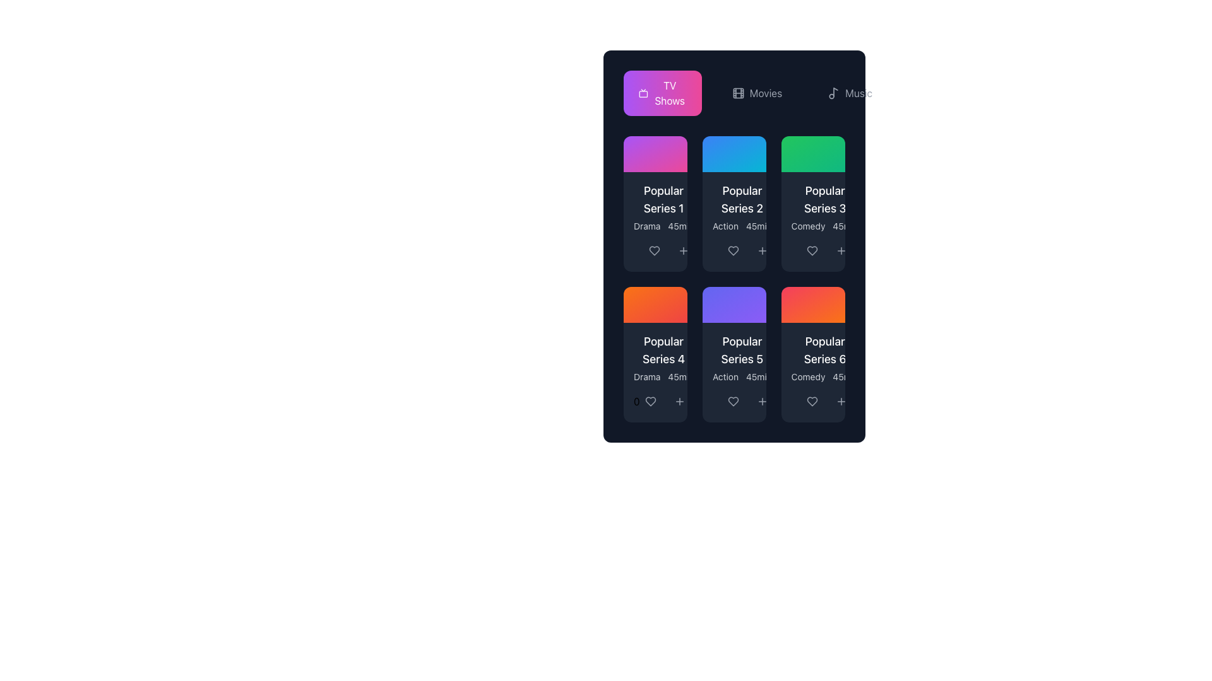  Describe the element at coordinates (655, 250) in the screenshot. I see `the like button/icon located under the 'Drama 45min' text within the 'Popular Series 1' card to favorite the series` at that location.